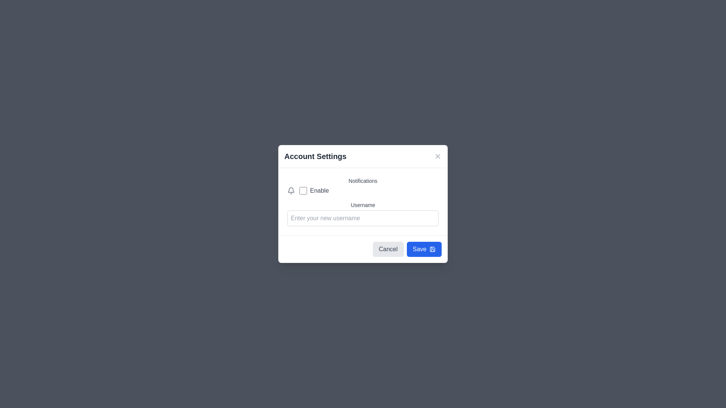 The width and height of the screenshot is (726, 408). Describe the element at coordinates (303, 190) in the screenshot. I see `the checkbox that toggles the 'Enable' option, located directly to the left of the 'Enable' label in the settings modal` at that location.